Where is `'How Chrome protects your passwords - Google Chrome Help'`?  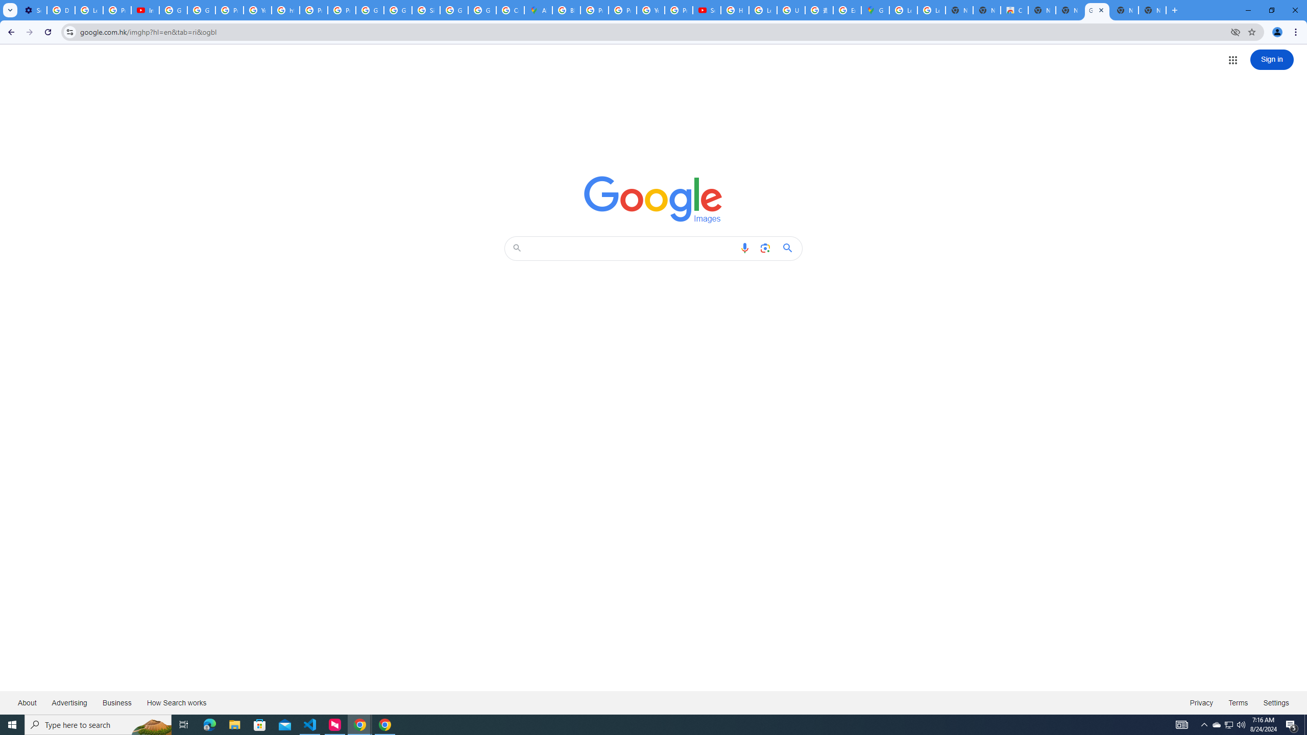 'How Chrome protects your passwords - Google Chrome Help' is located at coordinates (735, 10).